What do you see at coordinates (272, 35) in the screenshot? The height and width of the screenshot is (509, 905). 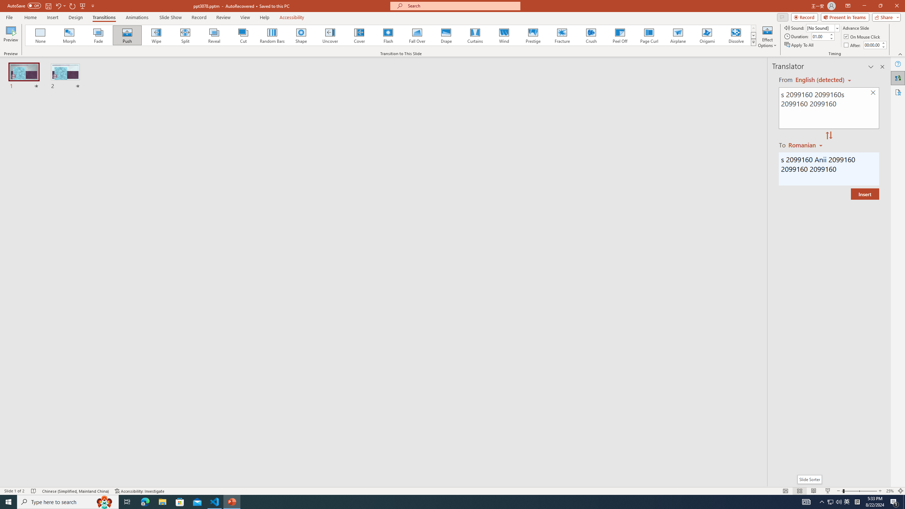 I see `'Random Bars'` at bounding box center [272, 35].